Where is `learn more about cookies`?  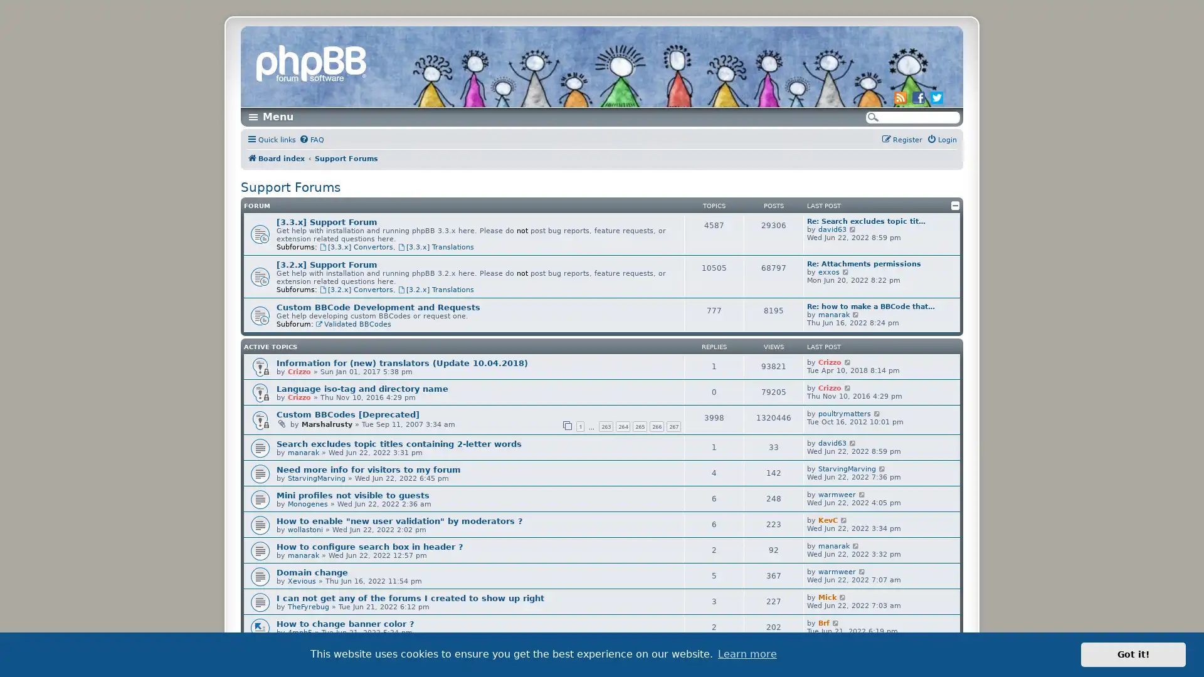 learn more about cookies is located at coordinates (747, 654).